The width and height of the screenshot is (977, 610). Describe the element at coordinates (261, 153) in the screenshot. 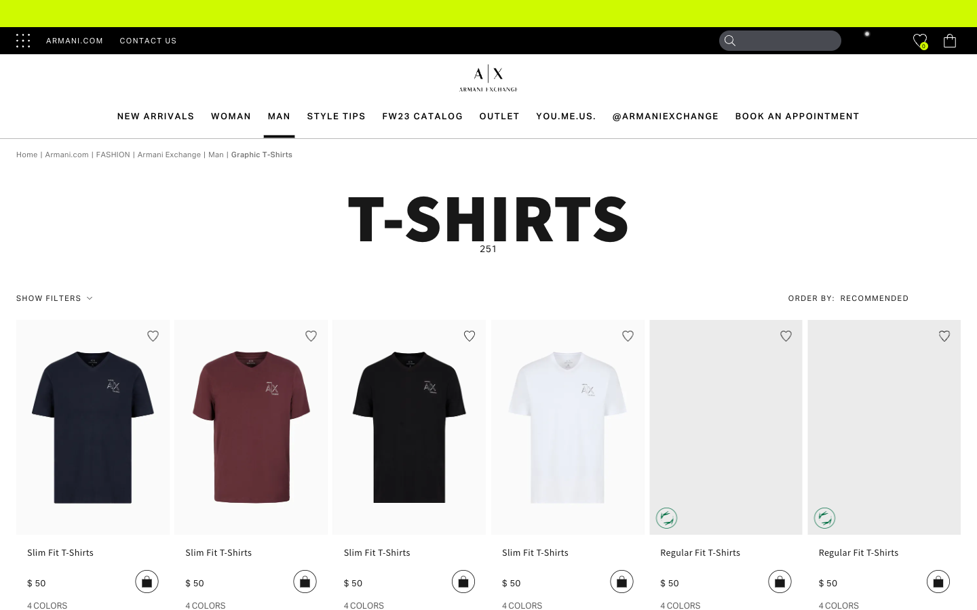

I see `the graphic T-shirts category to view its content` at that location.